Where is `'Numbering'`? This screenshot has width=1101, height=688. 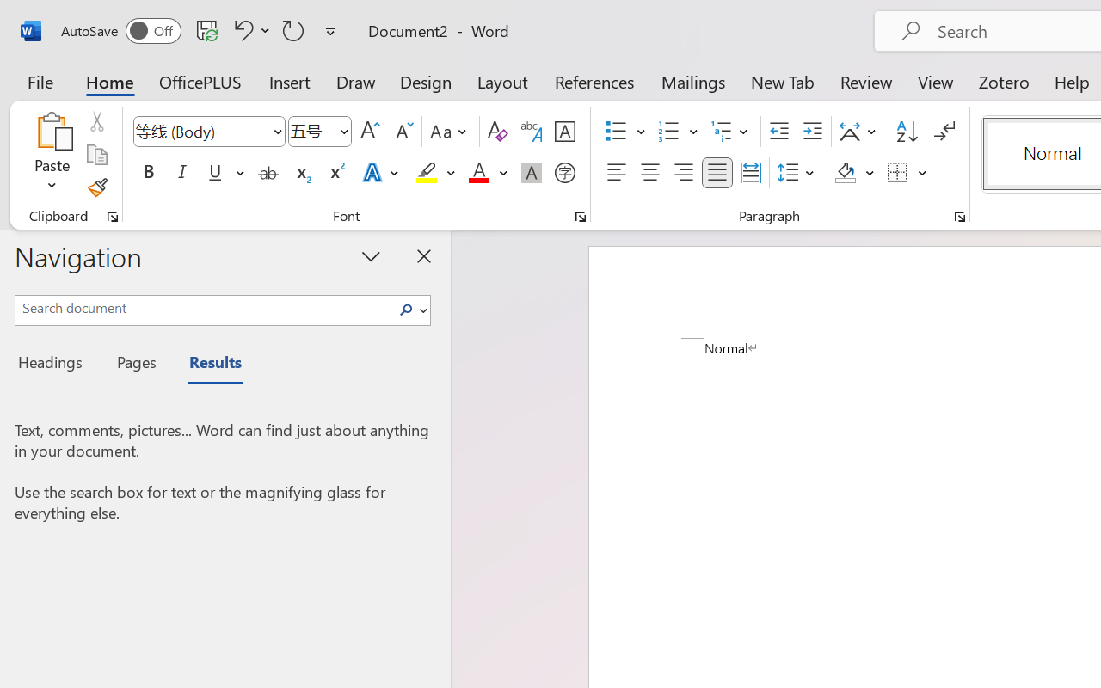 'Numbering' is located at coordinates (668, 132).